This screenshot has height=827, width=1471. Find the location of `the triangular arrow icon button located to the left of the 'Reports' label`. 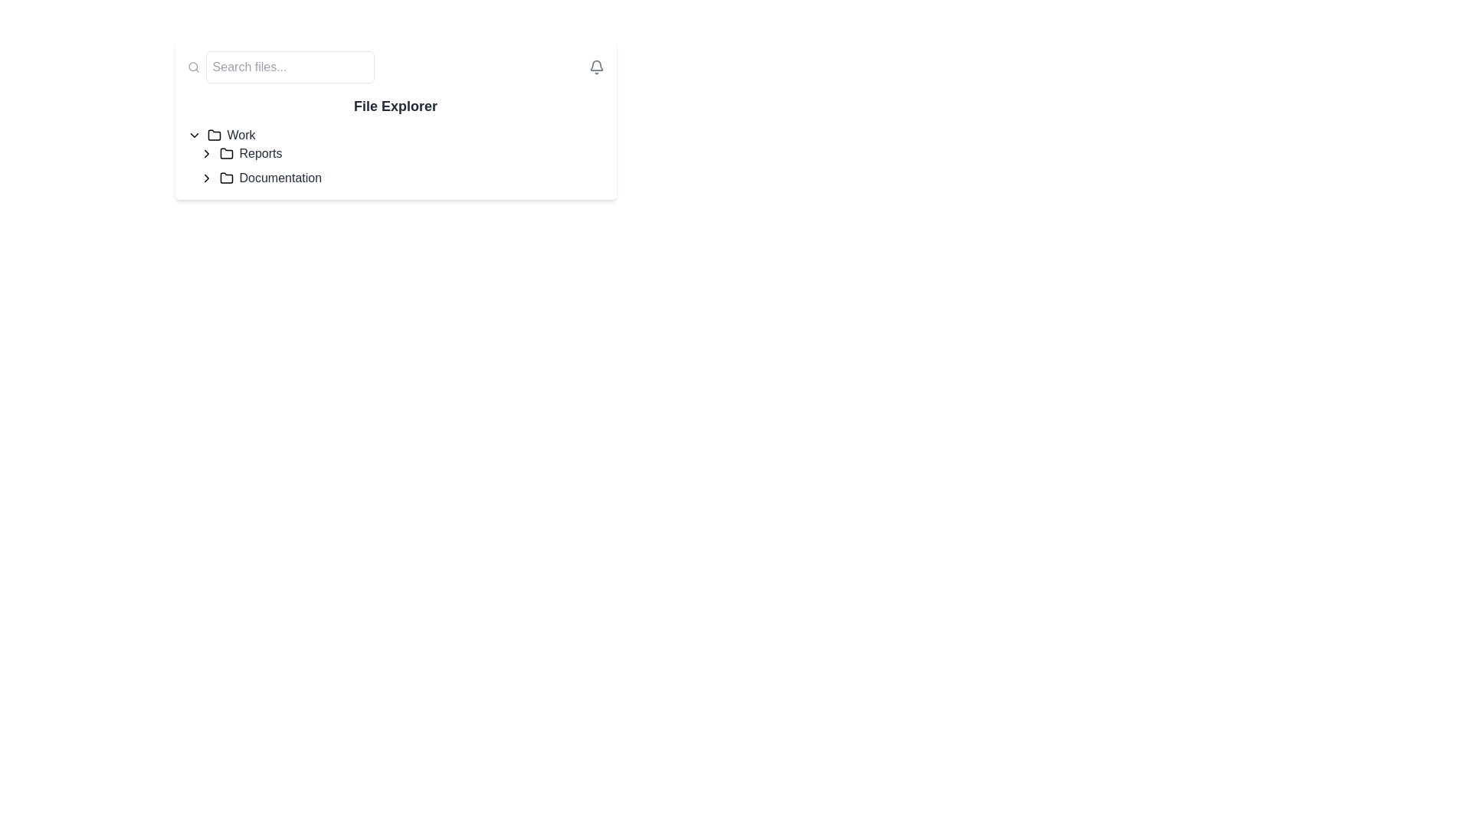

the triangular arrow icon button located to the left of the 'Reports' label is located at coordinates (205, 153).